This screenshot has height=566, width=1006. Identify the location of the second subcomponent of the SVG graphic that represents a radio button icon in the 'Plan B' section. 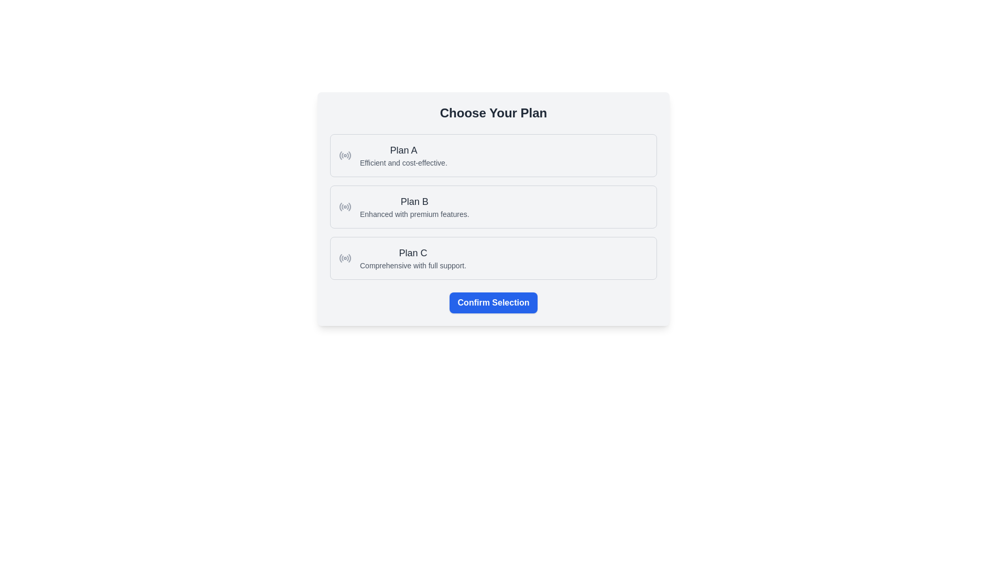
(342, 206).